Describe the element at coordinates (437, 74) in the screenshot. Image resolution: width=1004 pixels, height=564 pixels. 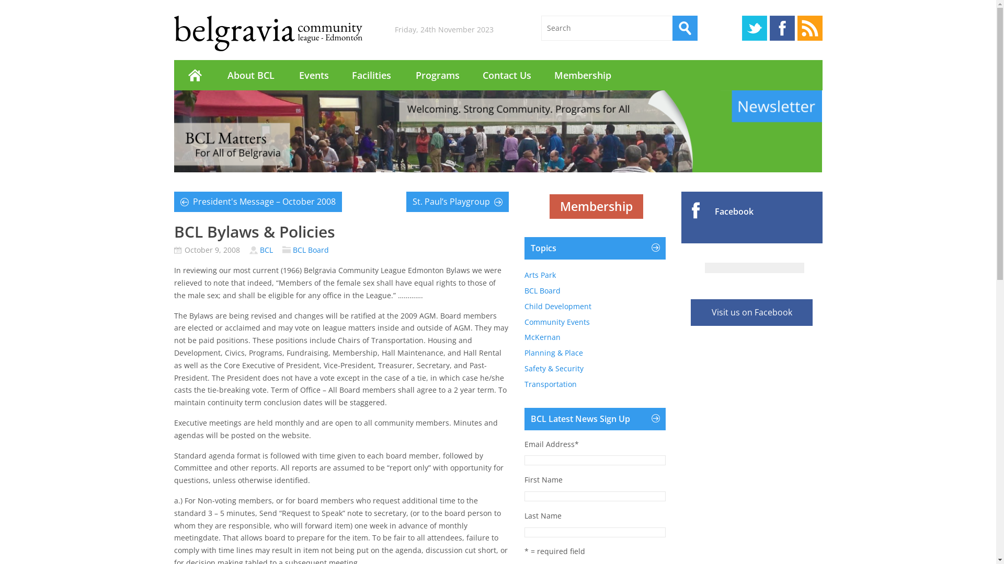
I see `'Programs'` at that location.